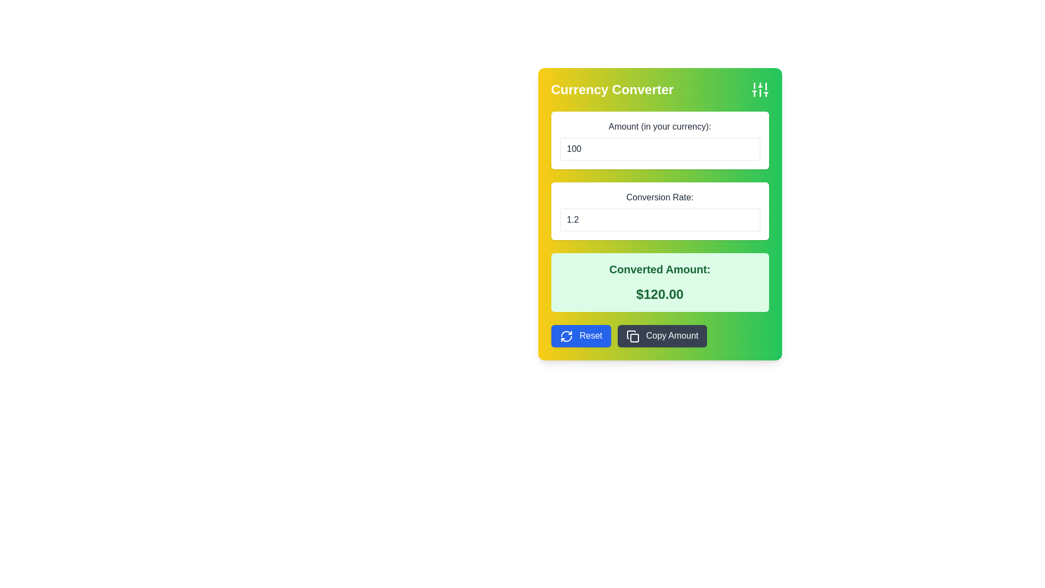 This screenshot has height=588, width=1045. What do you see at coordinates (659, 294) in the screenshot?
I see `the display-only text label showing the converted currency amount, which is located below the 'Converted Amount:' label within the green-tinted section of the currency converter interface` at bounding box center [659, 294].